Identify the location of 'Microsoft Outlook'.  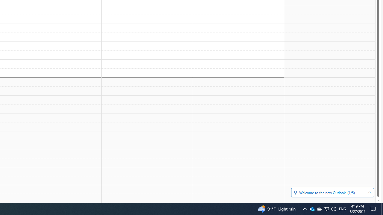
(311, 208).